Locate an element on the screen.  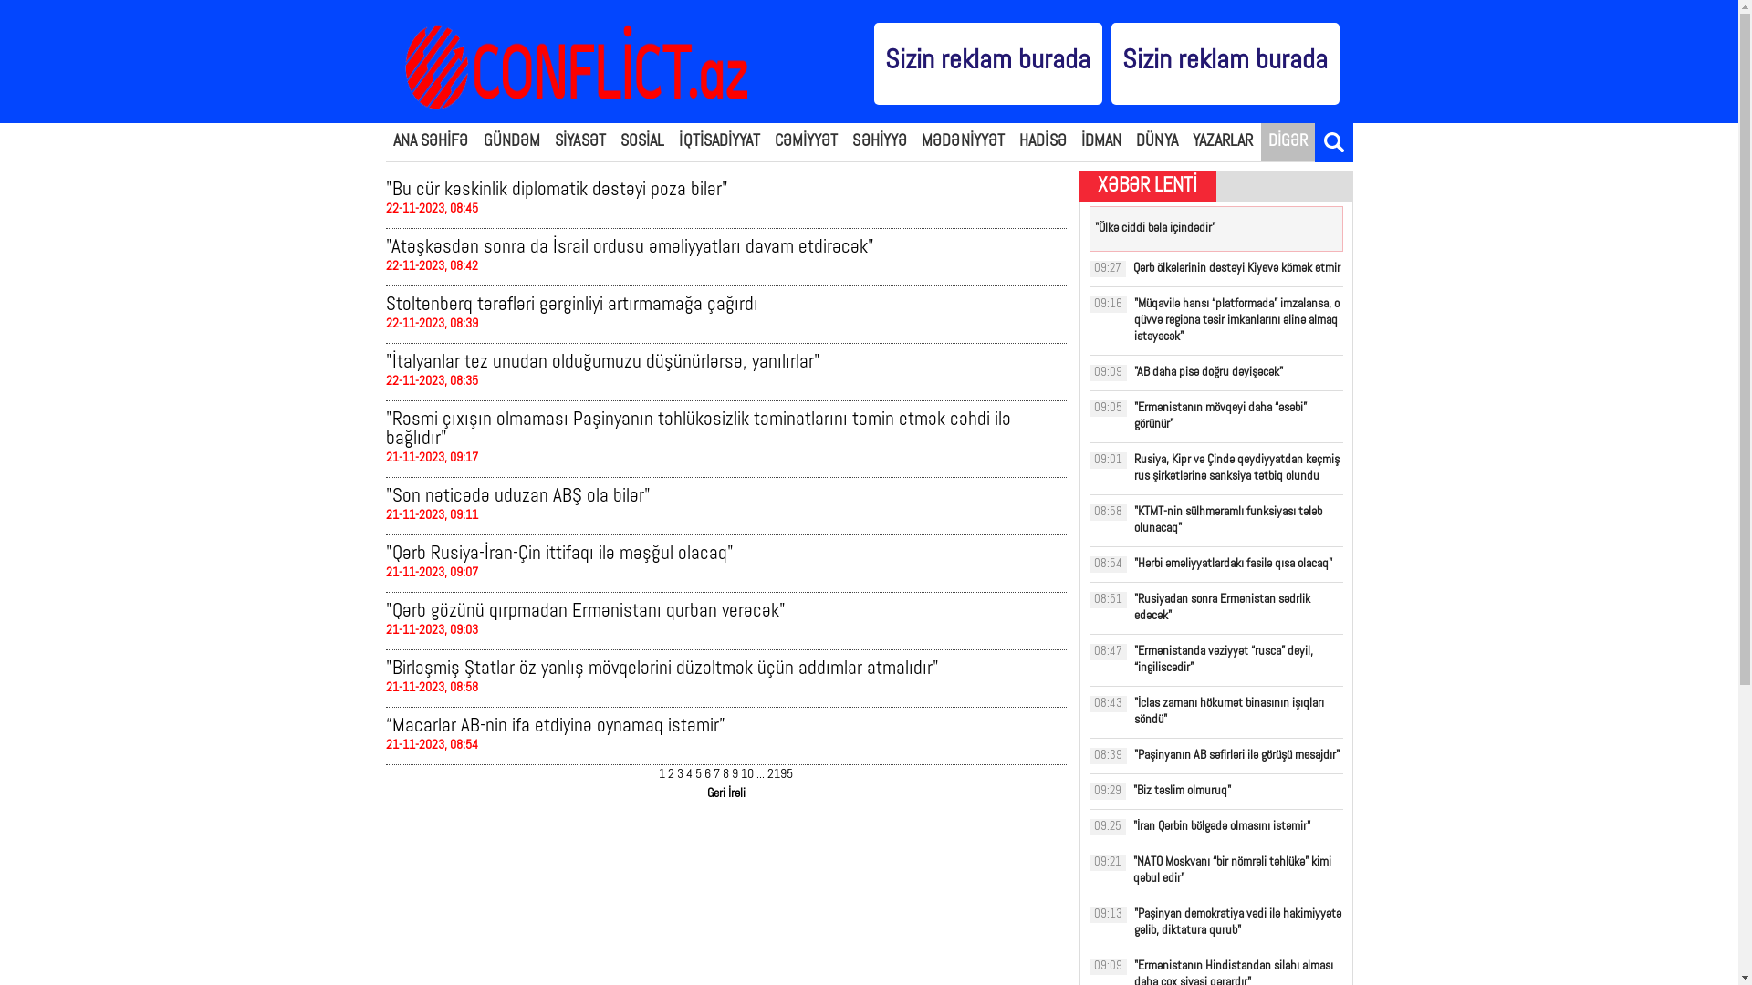
'2195' is located at coordinates (779, 774).